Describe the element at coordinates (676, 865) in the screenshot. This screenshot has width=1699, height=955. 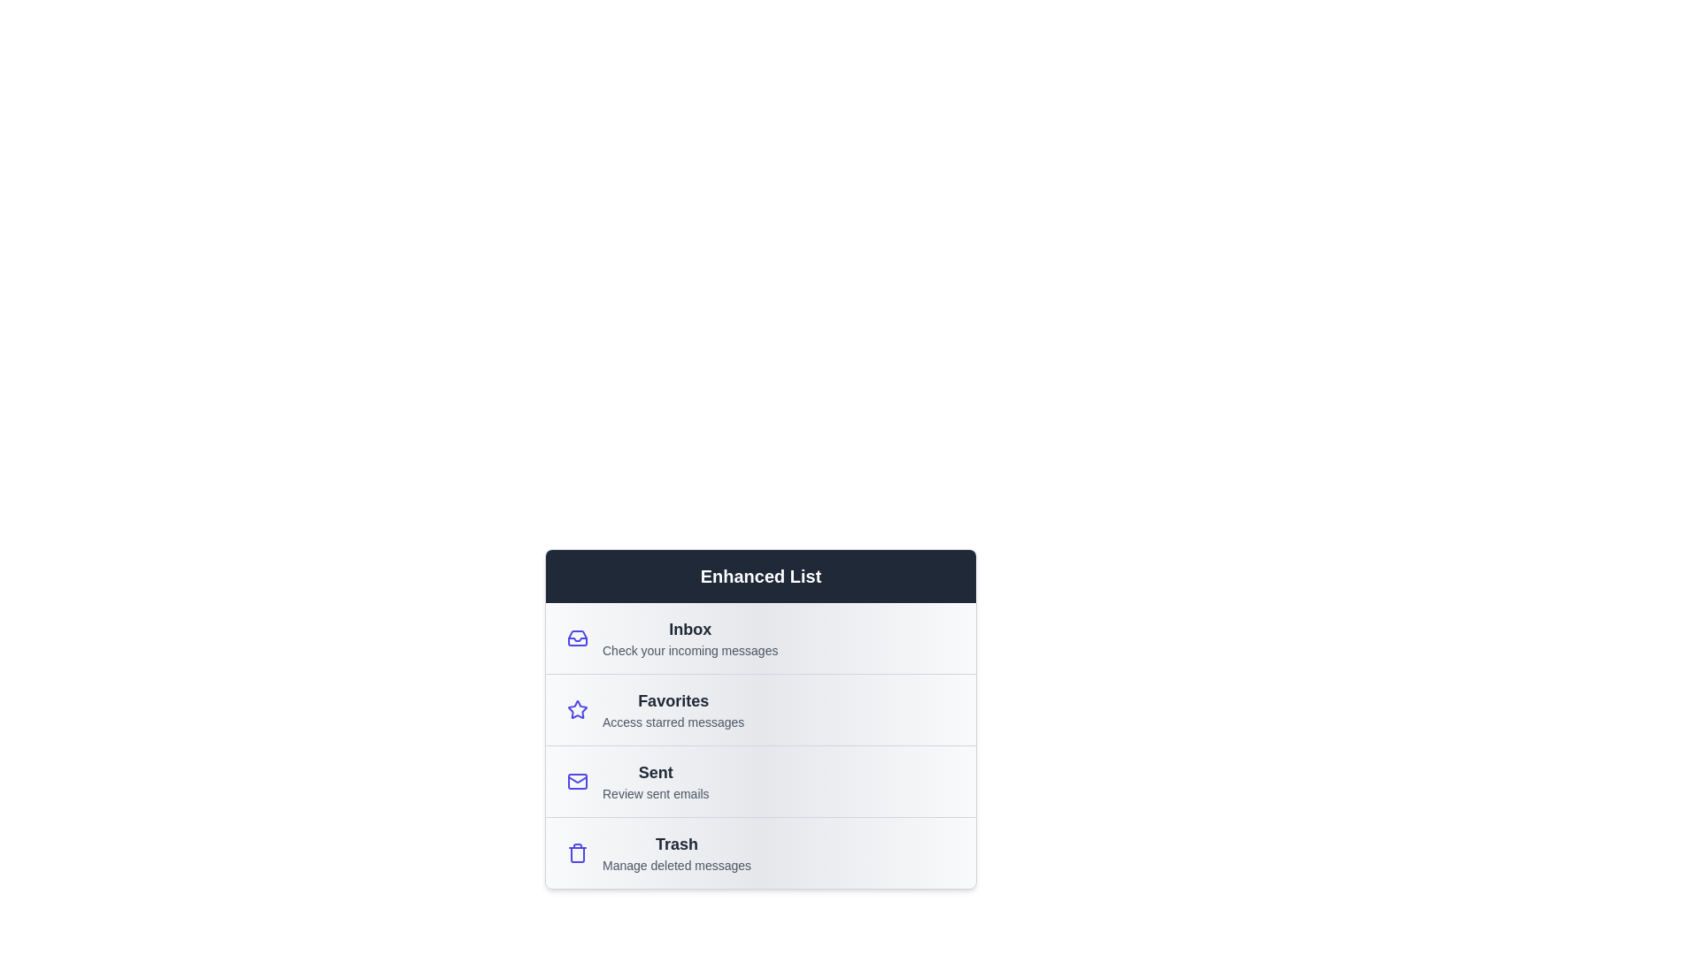
I see `the text label displaying 'Manage deleted messages', which is located below the 'Trash' heading in the 'Enhanced List' section` at that location.